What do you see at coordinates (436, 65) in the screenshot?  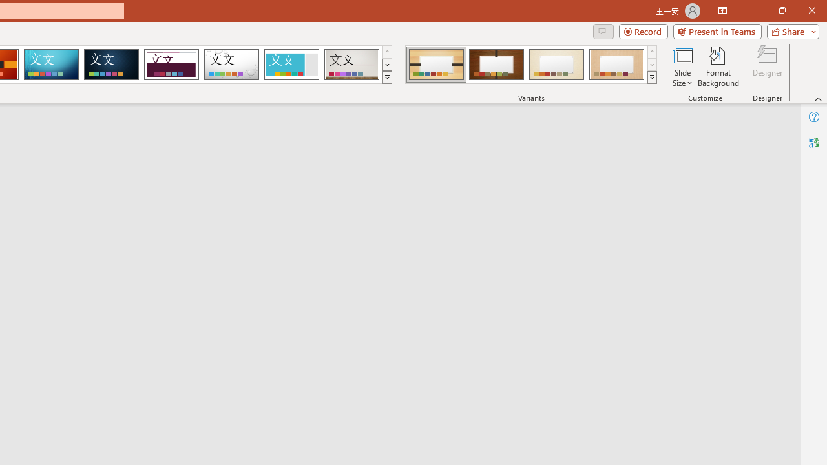 I see `'Organic Variant 1'` at bounding box center [436, 65].